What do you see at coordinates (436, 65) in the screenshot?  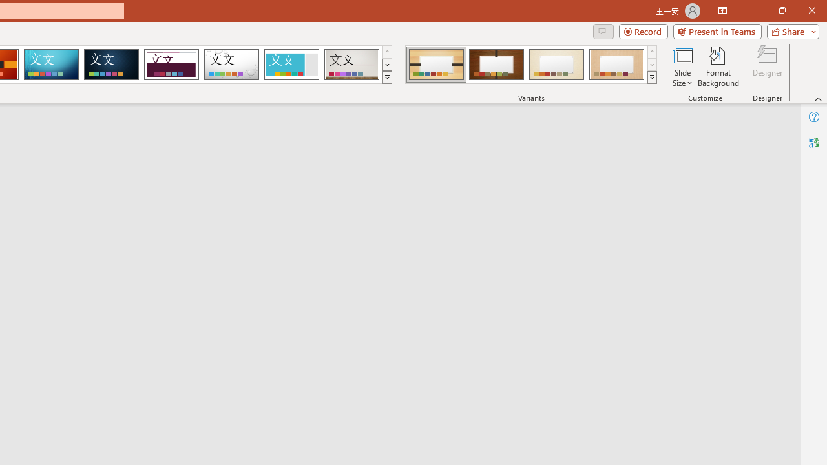 I see `'Organic Variant 1'` at bounding box center [436, 65].